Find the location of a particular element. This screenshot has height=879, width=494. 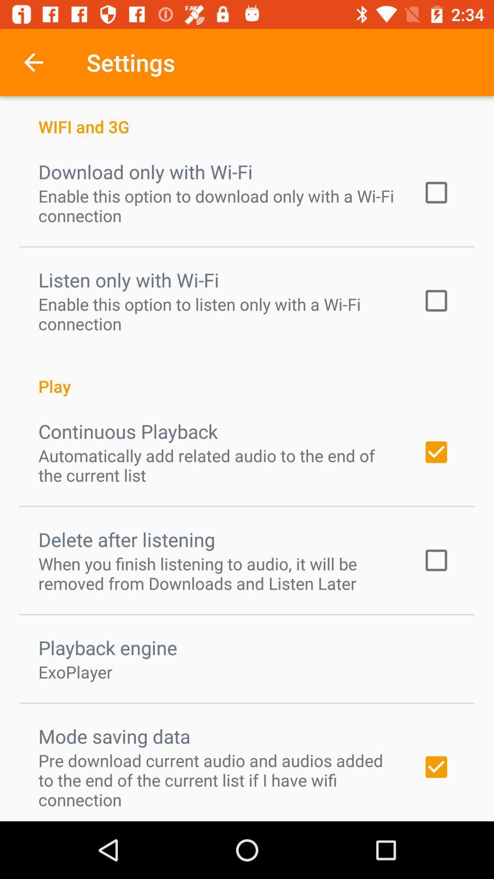

the icon below playback engine is located at coordinates (75, 672).